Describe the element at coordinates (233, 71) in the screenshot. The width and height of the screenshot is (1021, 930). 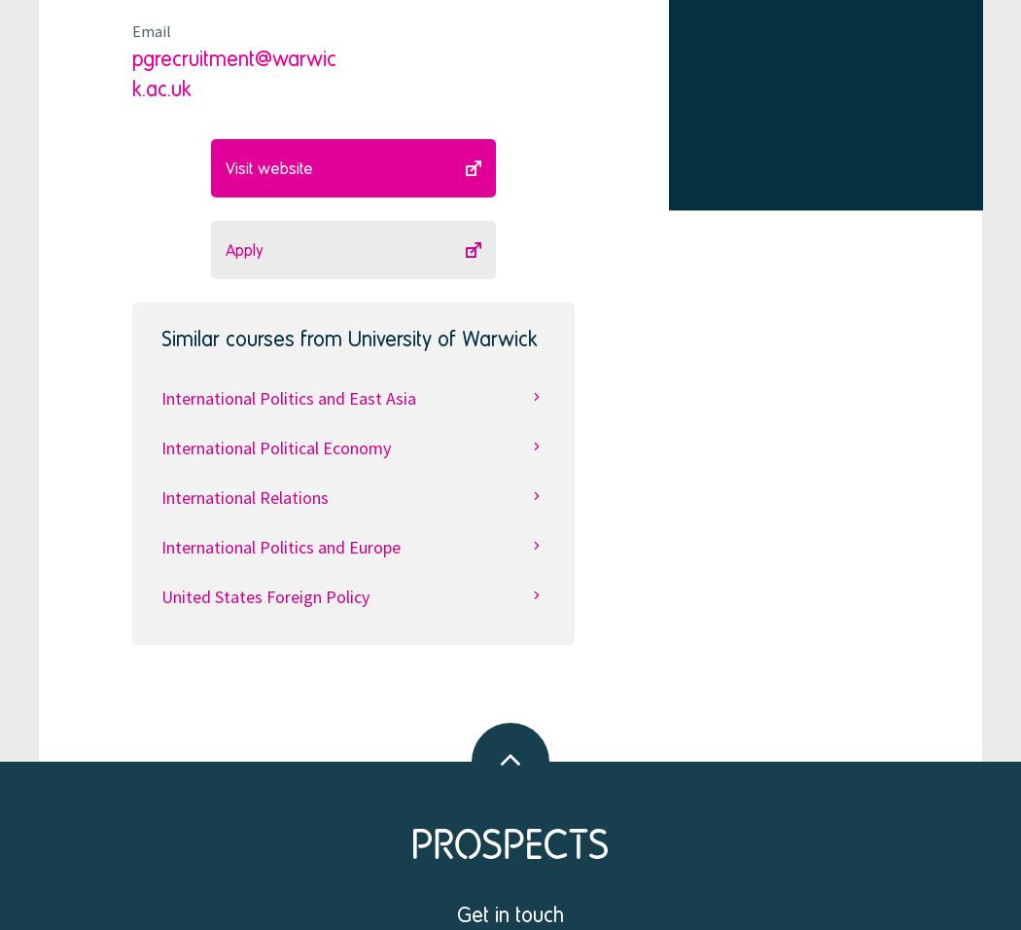
I see `'pgrecruitment@warwick.ac.uk'` at that location.